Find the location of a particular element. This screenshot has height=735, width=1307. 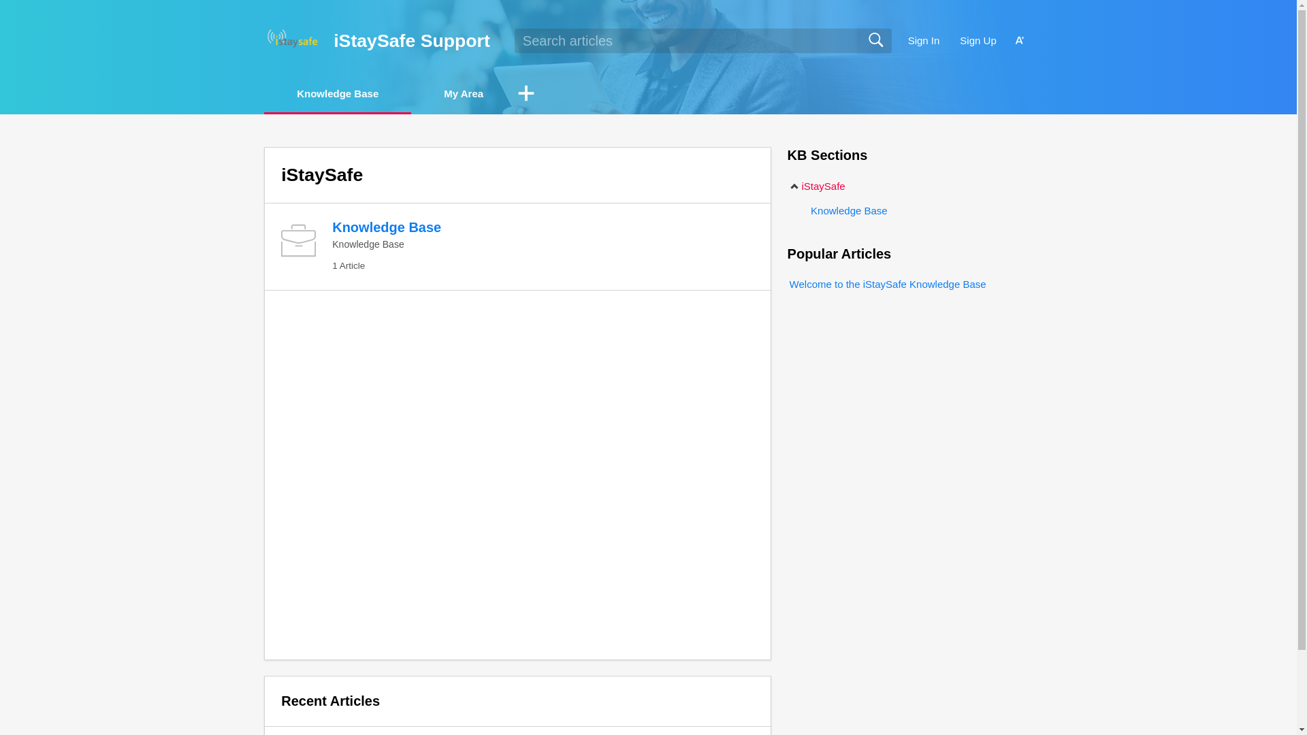

'Sign Up' is located at coordinates (977, 40).